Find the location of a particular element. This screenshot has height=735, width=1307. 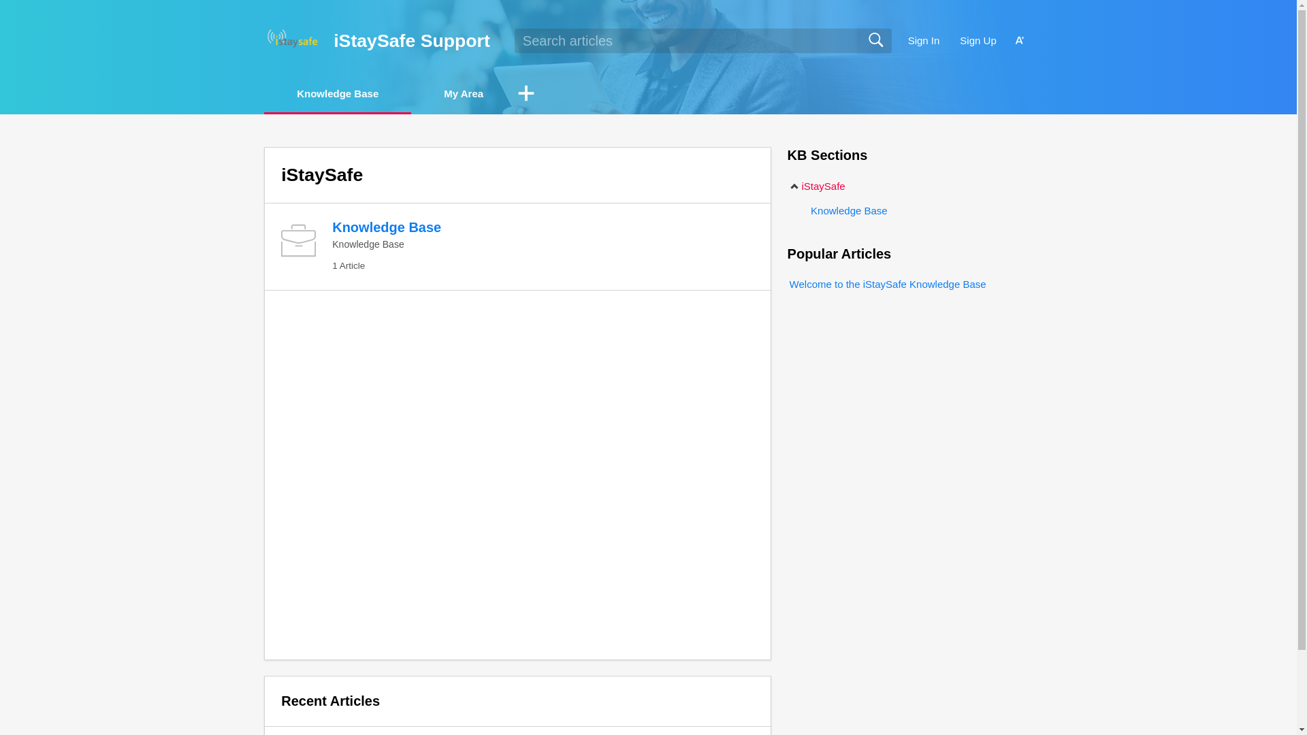

'Sign Up' is located at coordinates (977, 40).